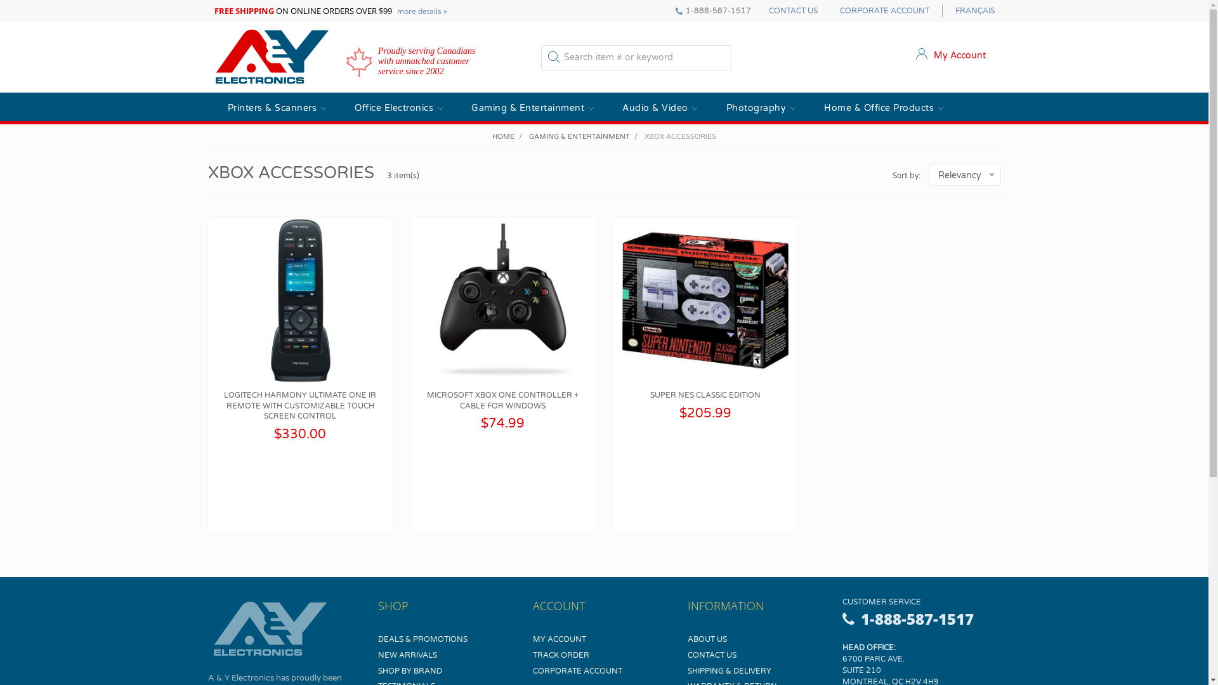 The height and width of the screenshot is (685, 1218). Describe the element at coordinates (884, 10) in the screenshot. I see `'CORPORATE ACCOUNT'` at that location.